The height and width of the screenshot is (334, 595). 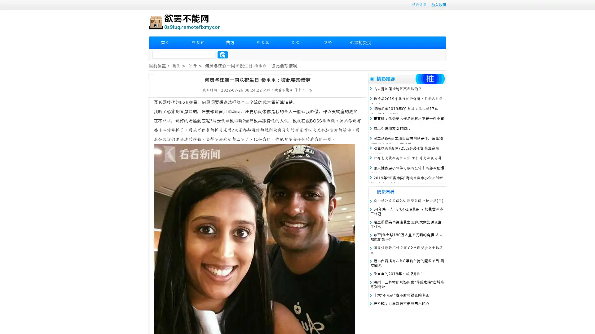 I want to click on Search, so click(x=223, y=54).